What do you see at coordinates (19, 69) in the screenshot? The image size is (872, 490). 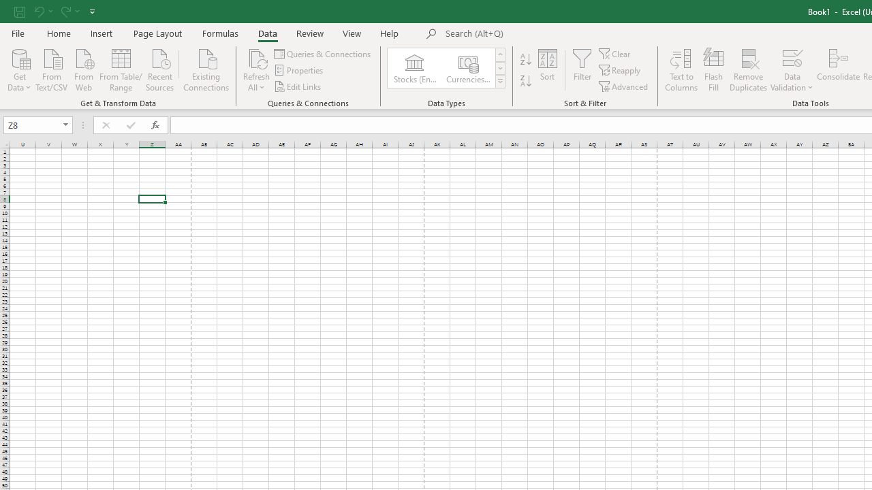 I see `'Get Data'` at bounding box center [19, 69].